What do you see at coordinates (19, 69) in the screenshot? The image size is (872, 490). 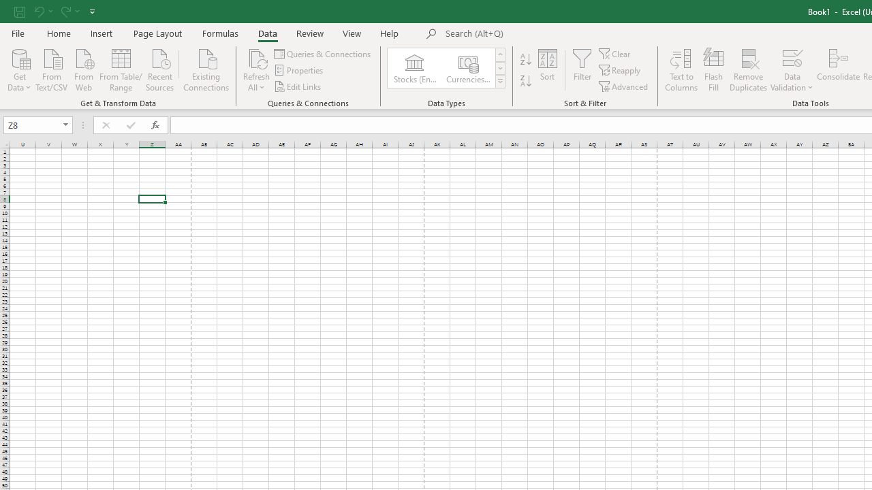 I see `'Get Data'` at bounding box center [19, 69].